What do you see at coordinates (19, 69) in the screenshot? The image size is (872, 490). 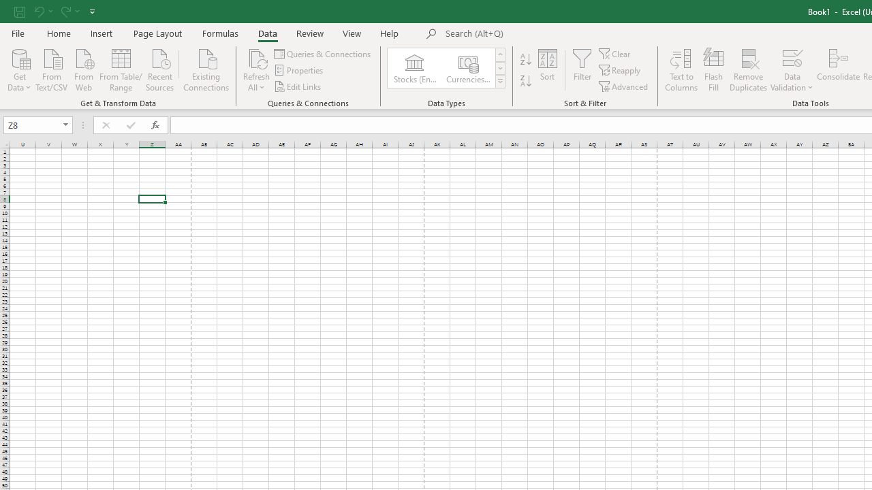 I see `'Get Data'` at bounding box center [19, 69].